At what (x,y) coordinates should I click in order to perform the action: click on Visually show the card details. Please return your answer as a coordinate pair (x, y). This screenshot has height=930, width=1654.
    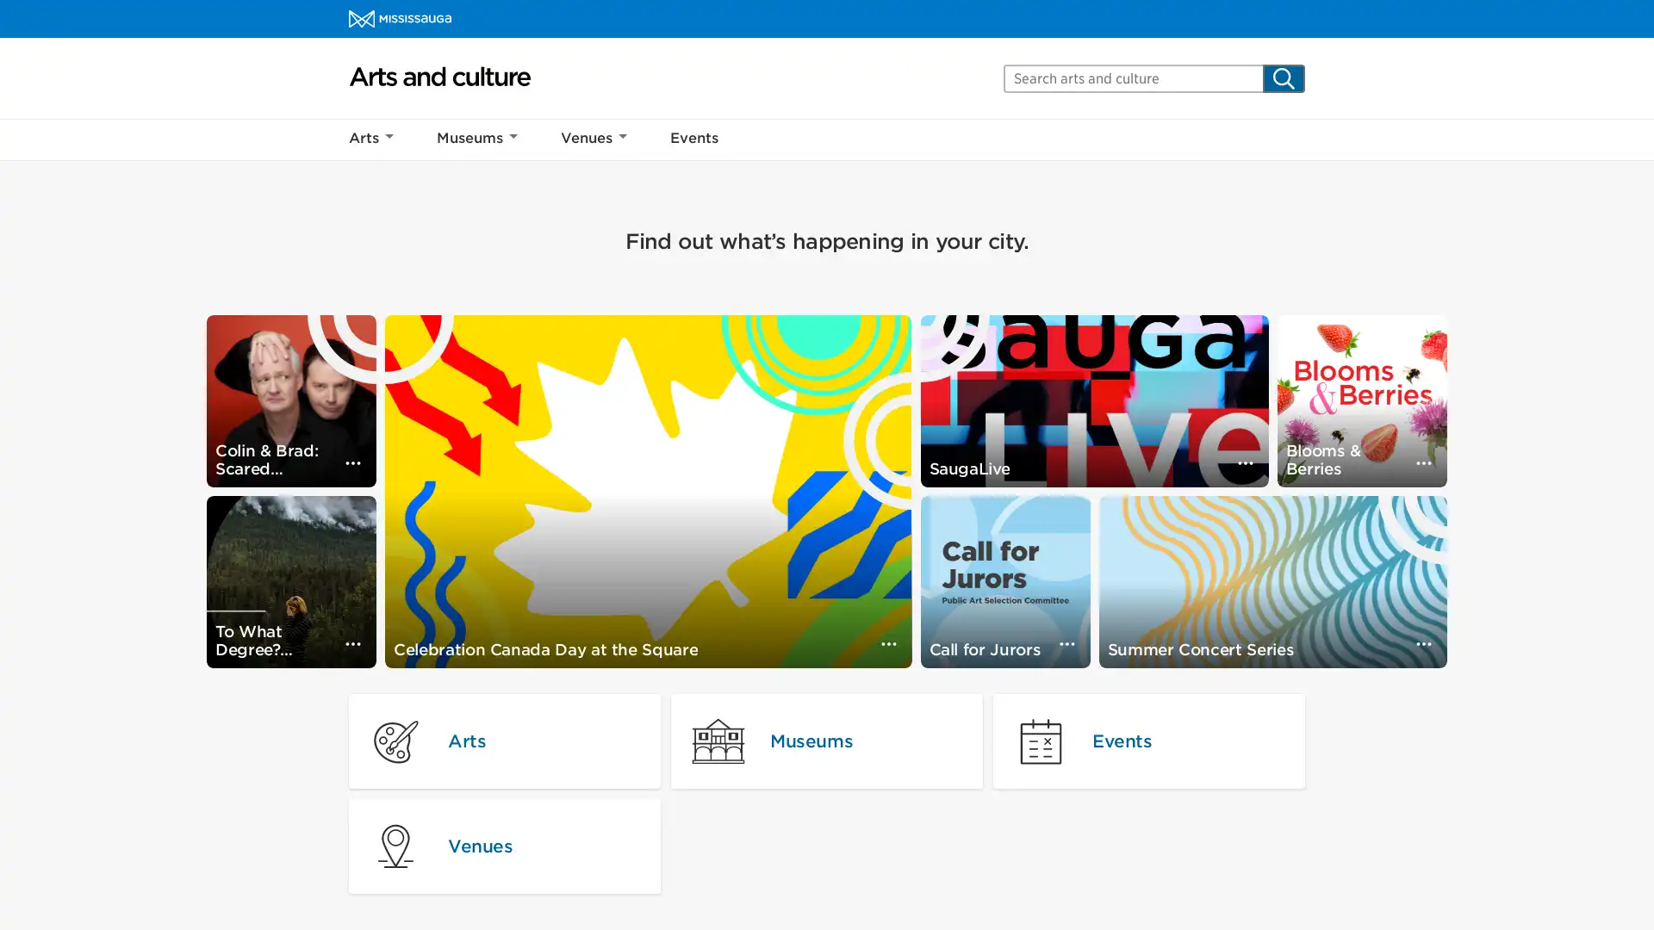
    Looking at the image, I should click on (1066, 644).